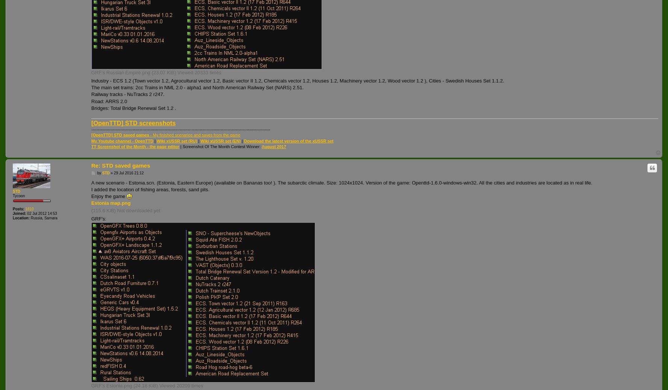 This screenshot has width=668, height=390. What do you see at coordinates (19, 213) in the screenshot?
I see `'Joined:'` at bounding box center [19, 213].